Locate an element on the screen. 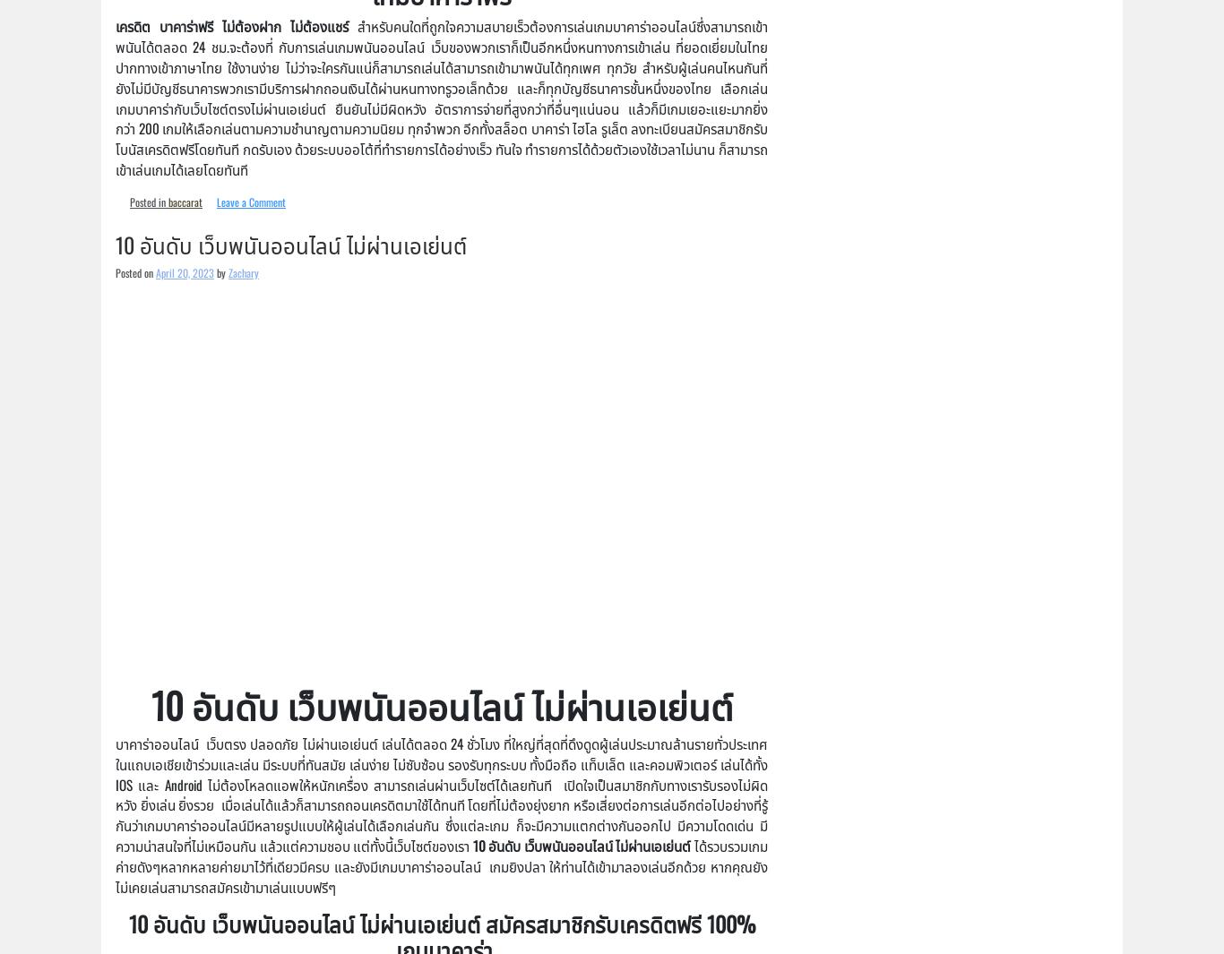 This screenshot has width=1224, height=954. 'April 20, 2023' is located at coordinates (184, 271).